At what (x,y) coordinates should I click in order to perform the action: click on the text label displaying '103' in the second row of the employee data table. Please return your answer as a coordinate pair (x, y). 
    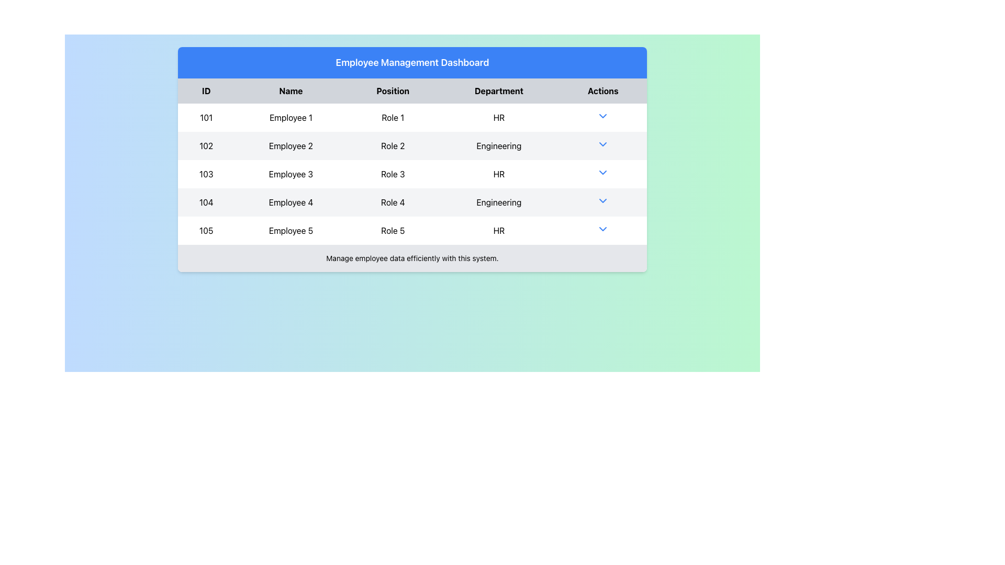
    Looking at the image, I should click on (206, 173).